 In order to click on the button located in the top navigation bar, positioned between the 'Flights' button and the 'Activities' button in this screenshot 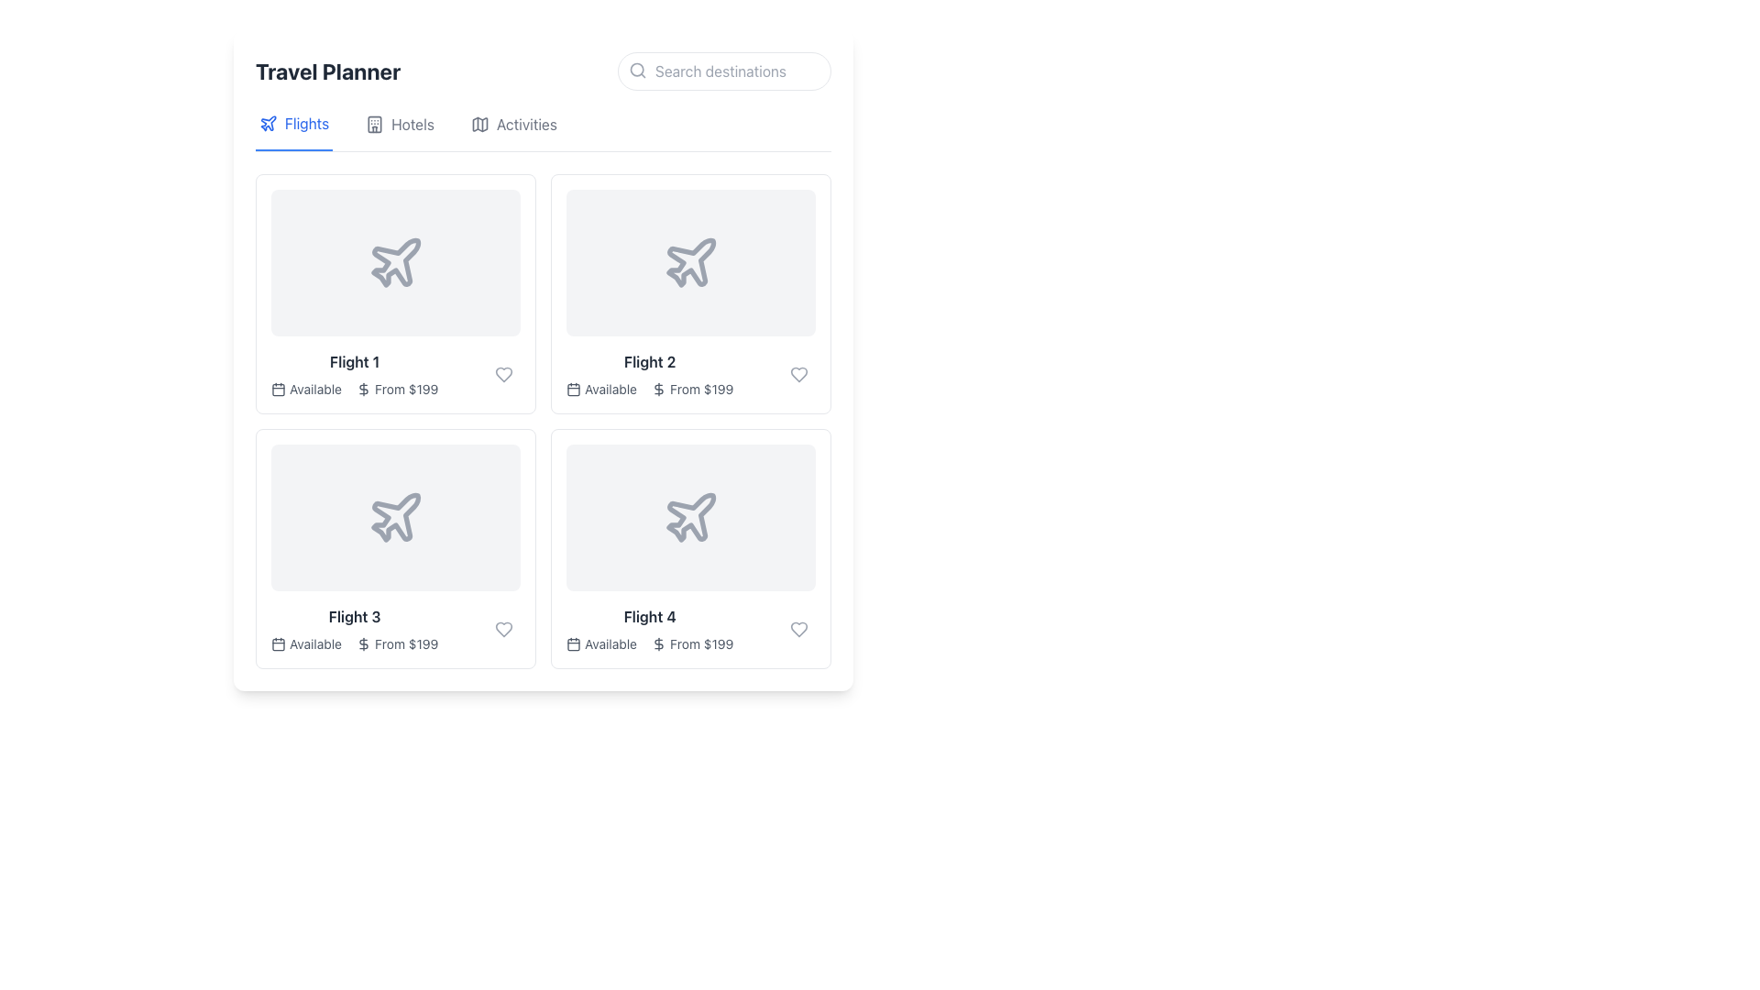, I will do `click(399, 130)`.